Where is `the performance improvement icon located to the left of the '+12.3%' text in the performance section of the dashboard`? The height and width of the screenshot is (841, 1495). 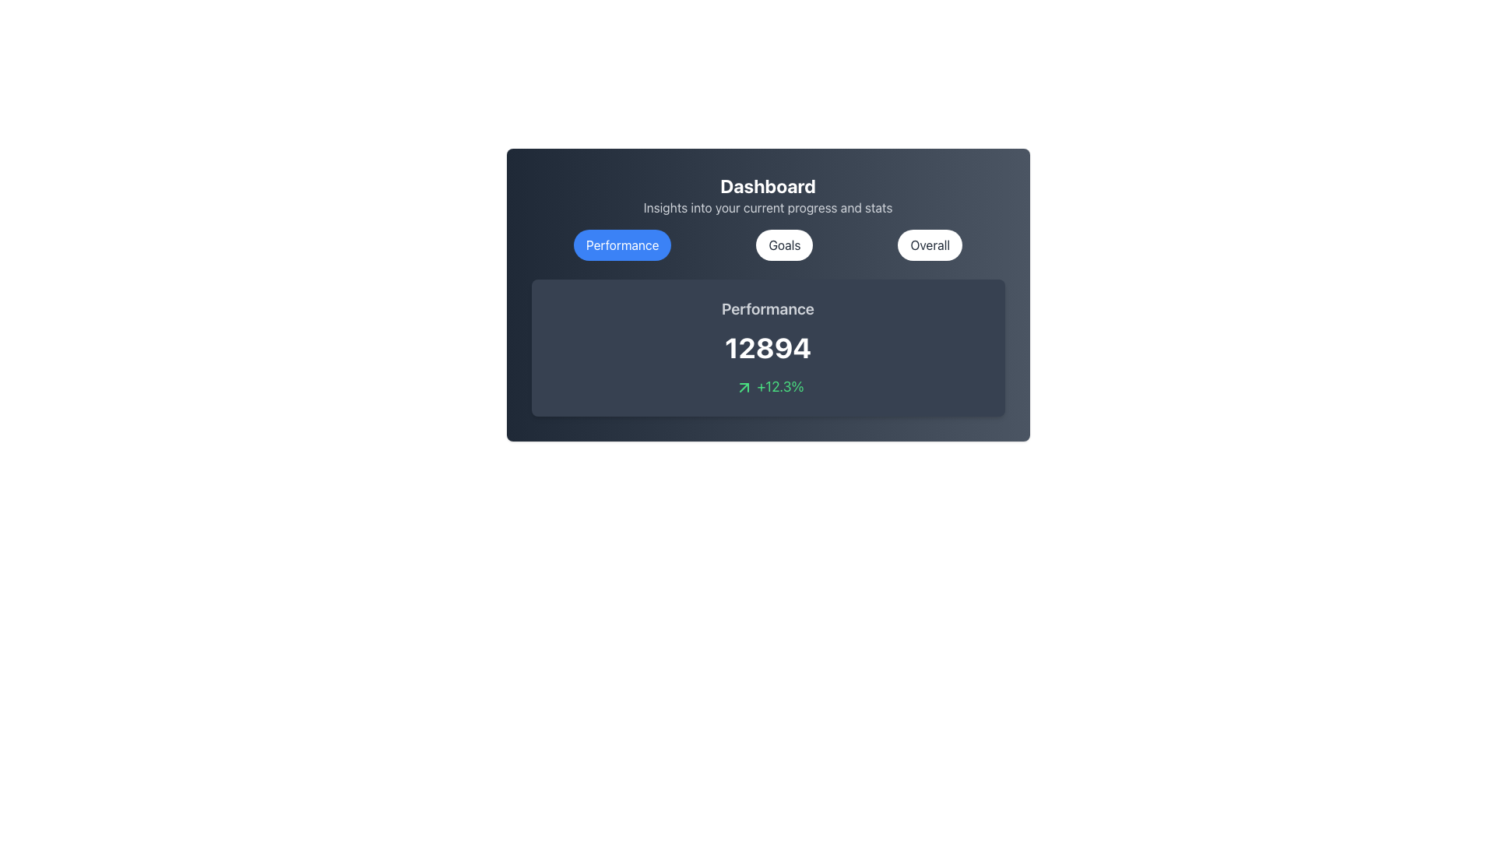 the performance improvement icon located to the left of the '+12.3%' text in the performance section of the dashboard is located at coordinates (744, 387).